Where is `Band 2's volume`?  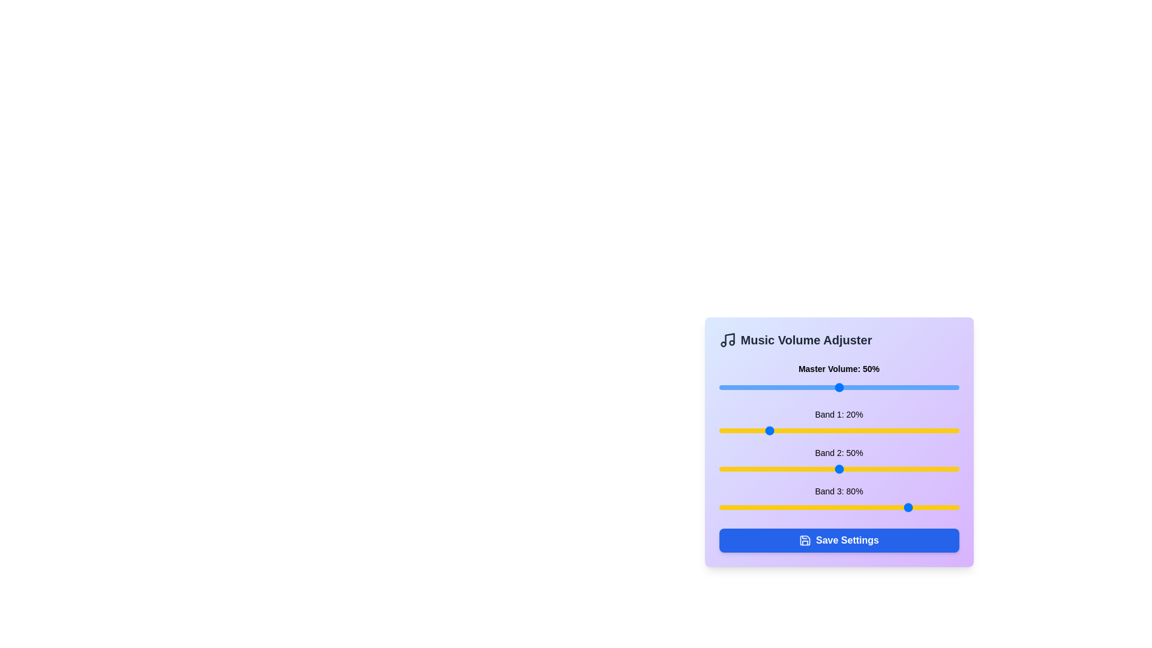 Band 2's volume is located at coordinates (932, 469).